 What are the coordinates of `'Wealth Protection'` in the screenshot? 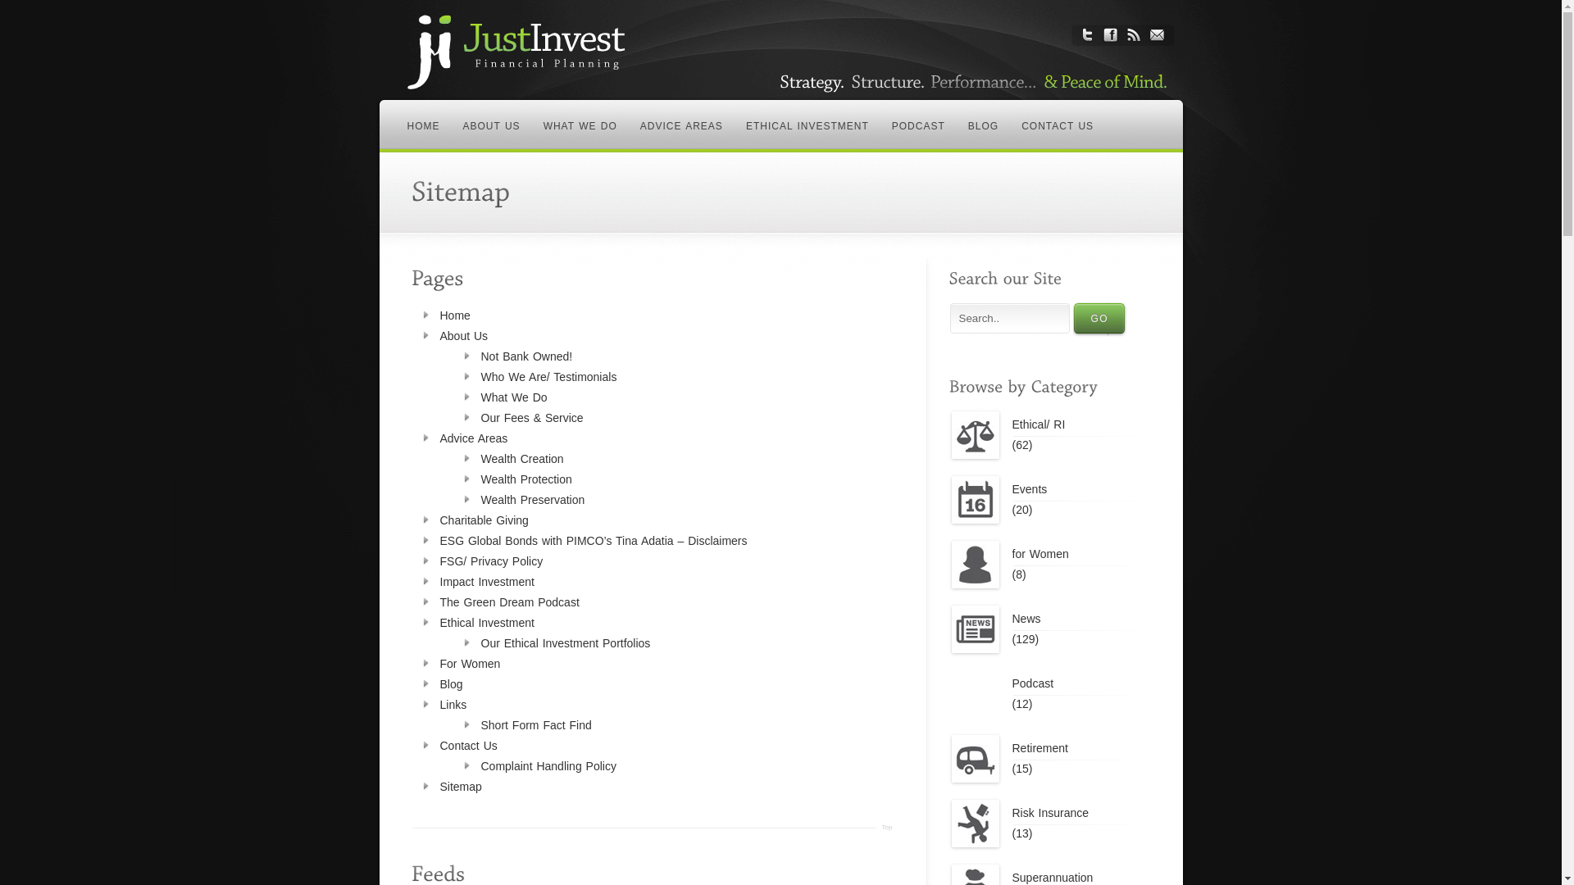 It's located at (525, 479).